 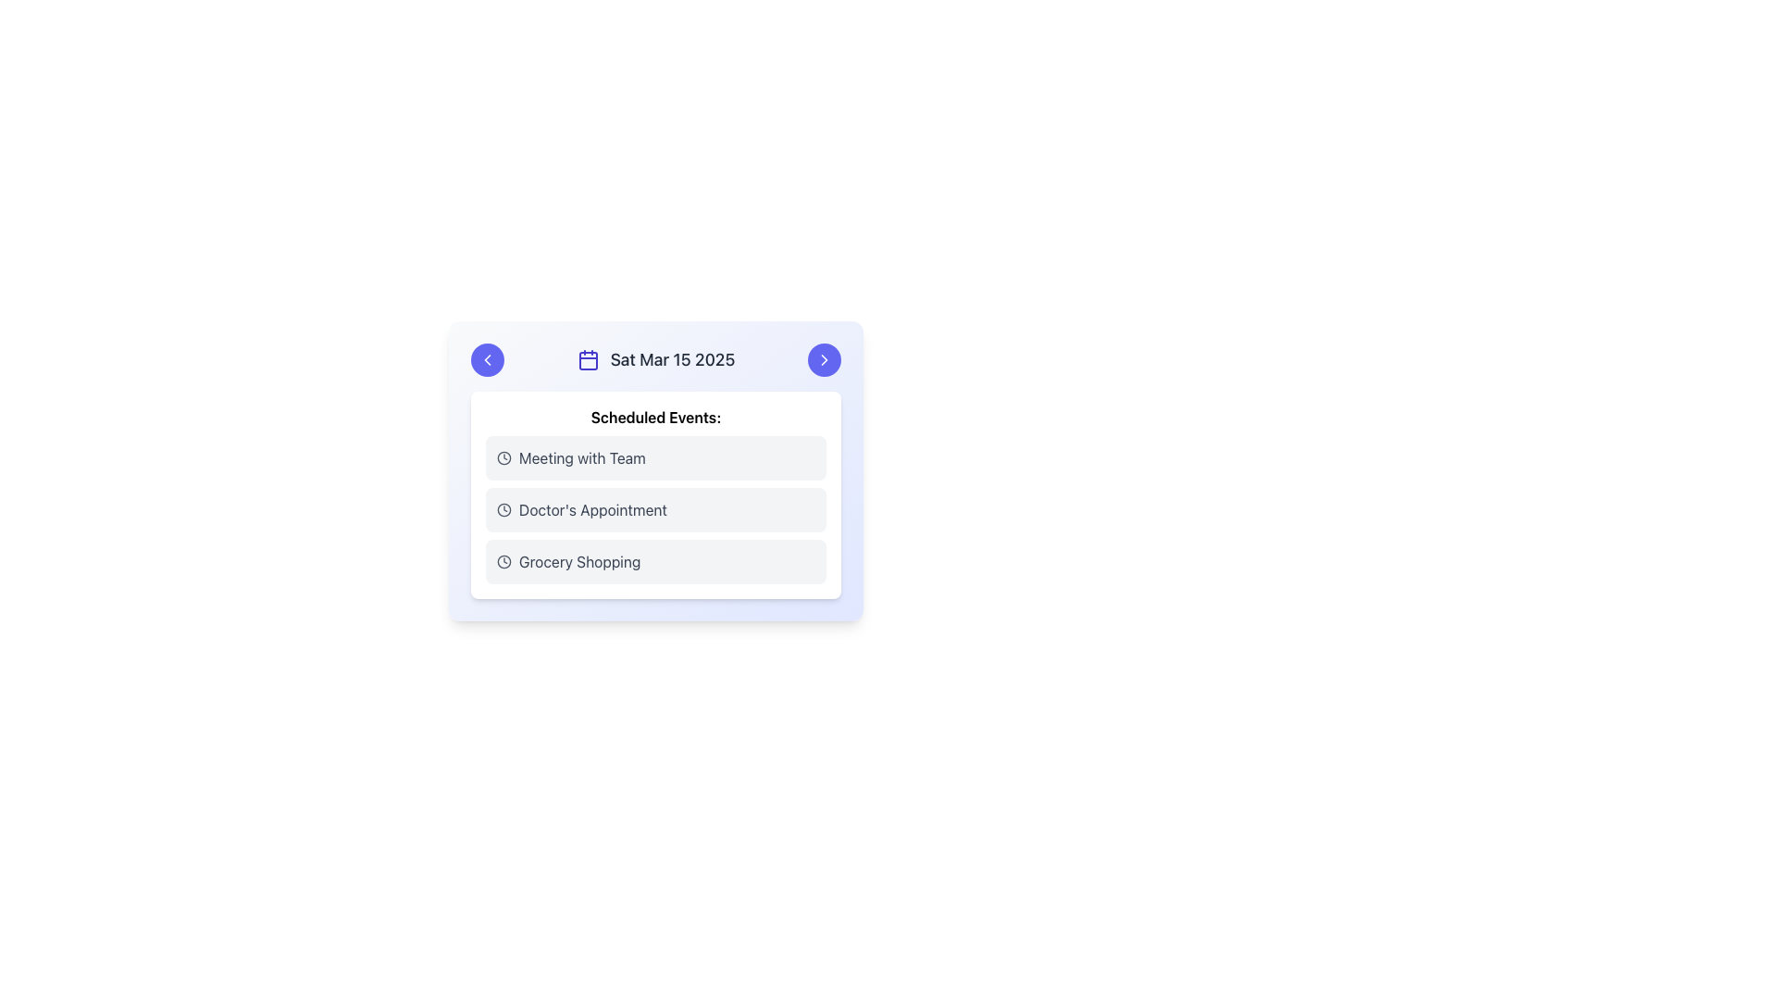 What do you see at coordinates (504, 457) in the screenshot?
I see `the clock icon located to the left of 'Meeting with Team' under the 'Scheduled Events' header` at bounding box center [504, 457].